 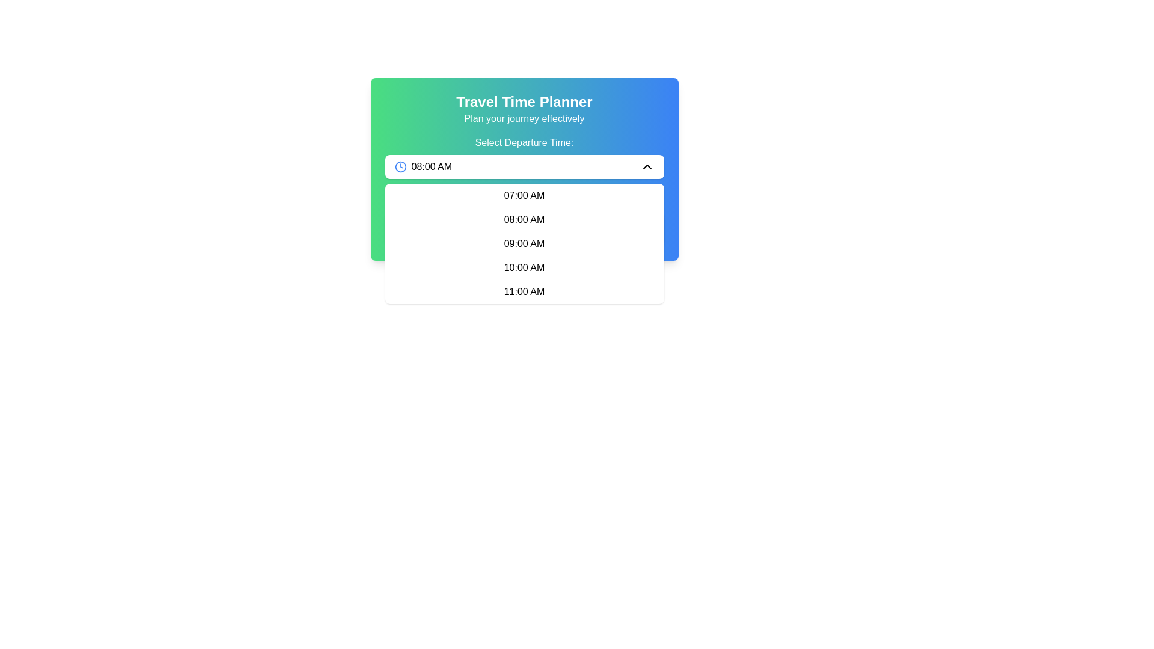 I want to click on the dropdown menu item displaying '11:00 AM', so click(x=524, y=292).